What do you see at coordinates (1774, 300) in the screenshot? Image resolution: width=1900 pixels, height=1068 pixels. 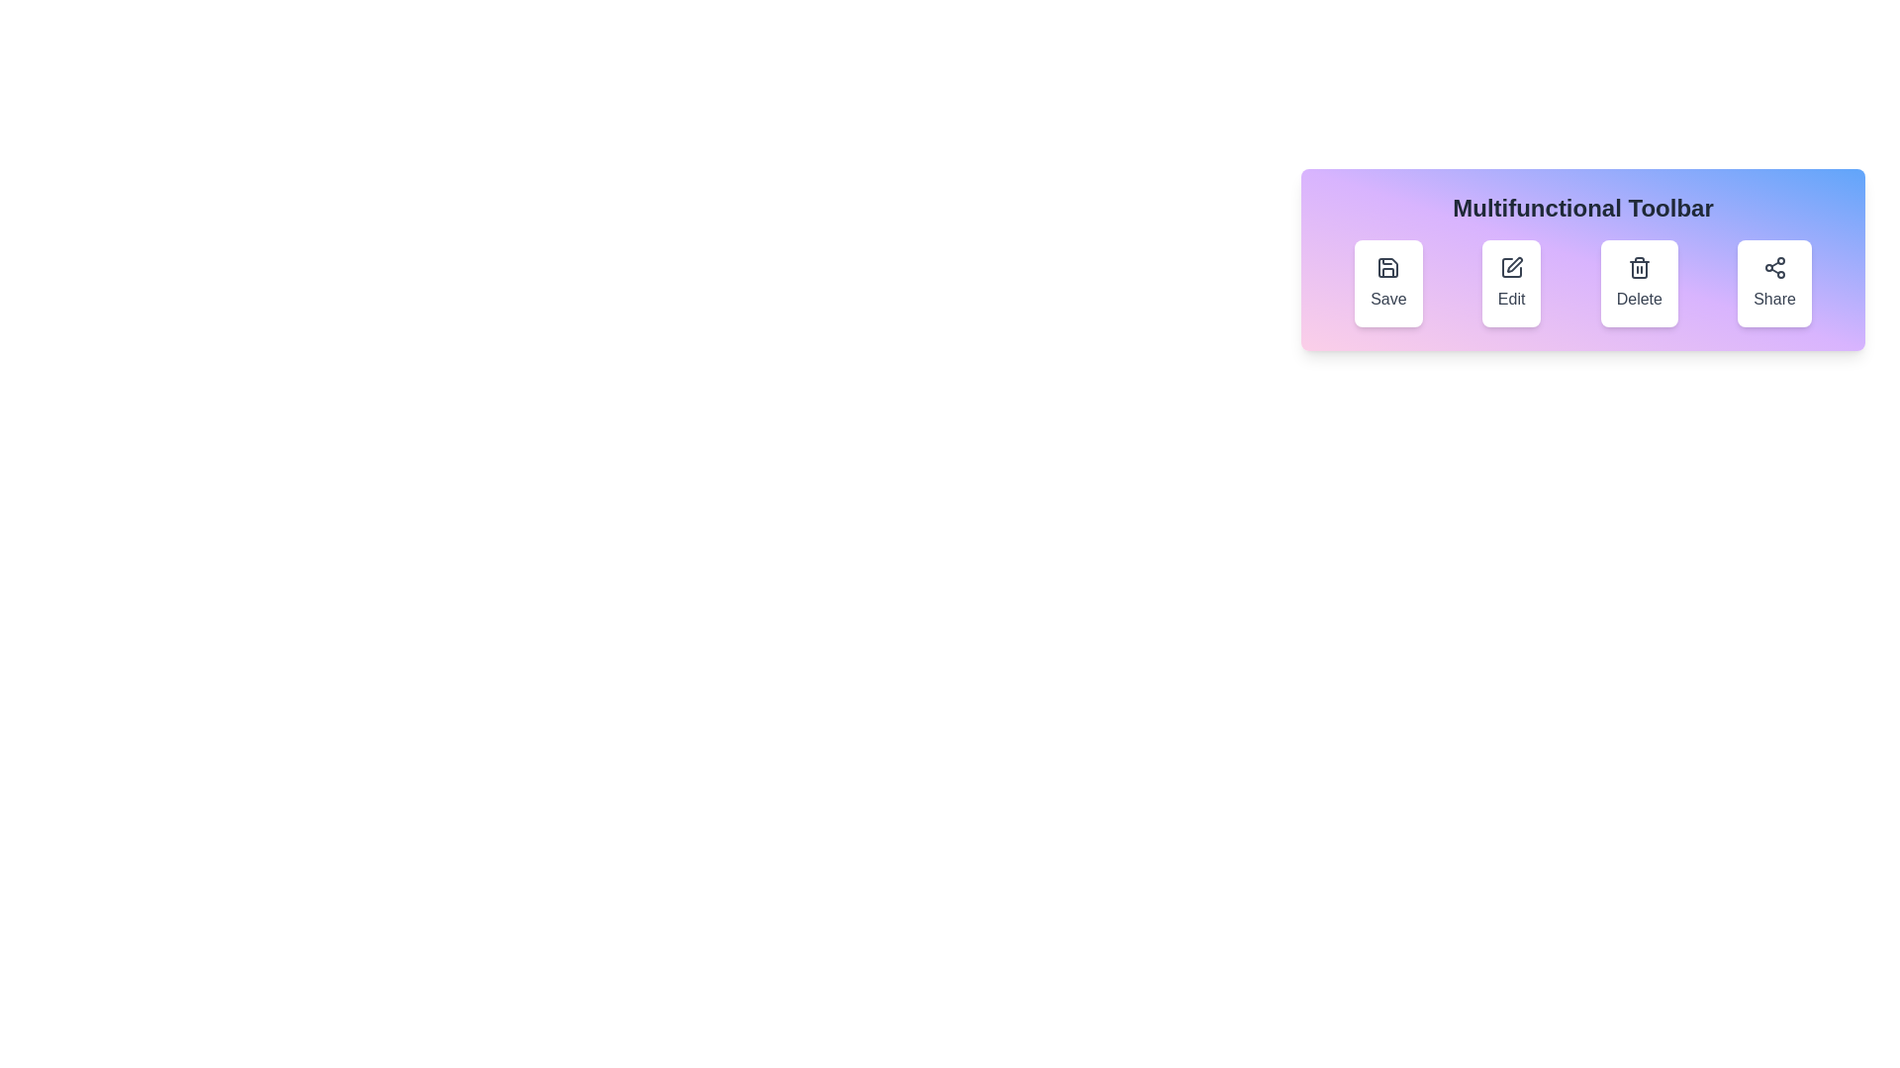 I see `label text 'Share' located beneath the share icon in the far-right button of the toolbar` at bounding box center [1774, 300].